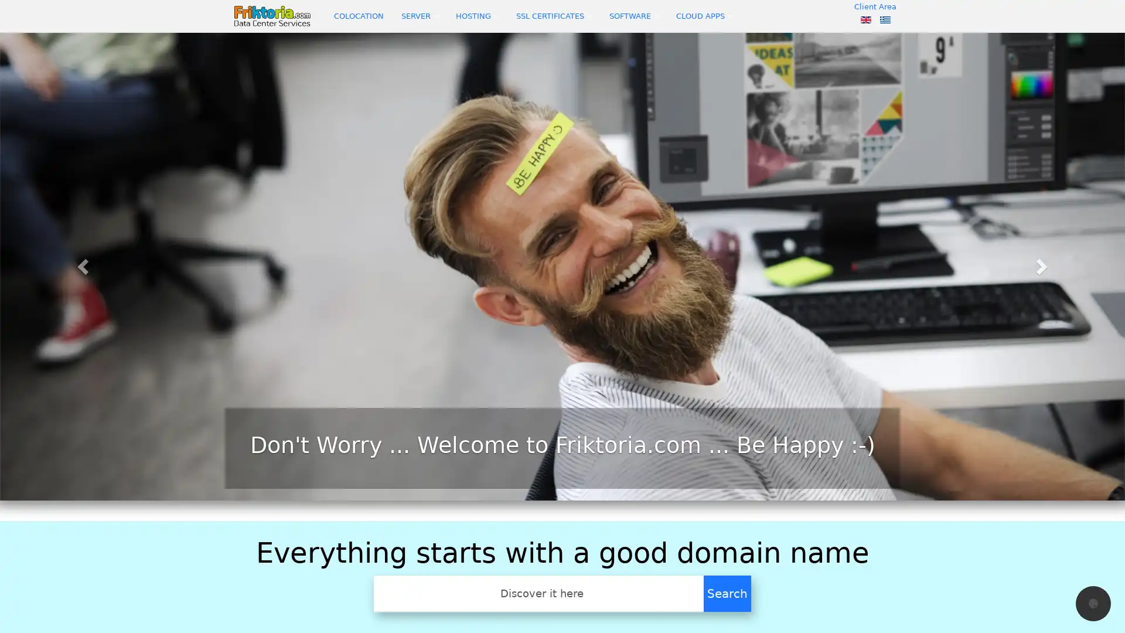 The image size is (1125, 633). Describe the element at coordinates (726, 593) in the screenshot. I see `Search` at that location.